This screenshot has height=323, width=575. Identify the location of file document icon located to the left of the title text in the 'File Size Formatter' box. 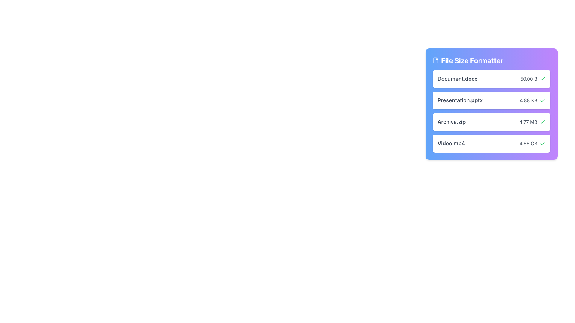
(435, 60).